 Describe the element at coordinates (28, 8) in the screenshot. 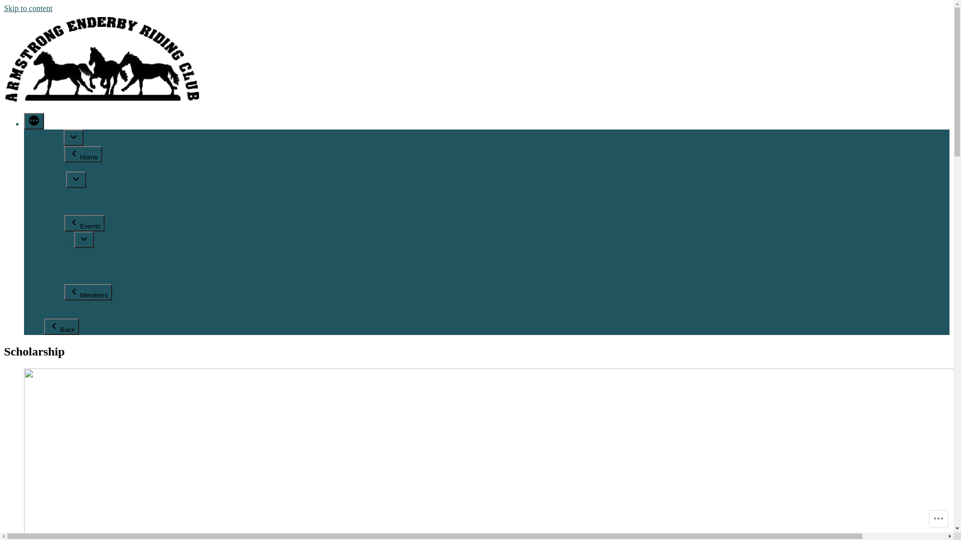

I see `'Skip to content'` at that location.